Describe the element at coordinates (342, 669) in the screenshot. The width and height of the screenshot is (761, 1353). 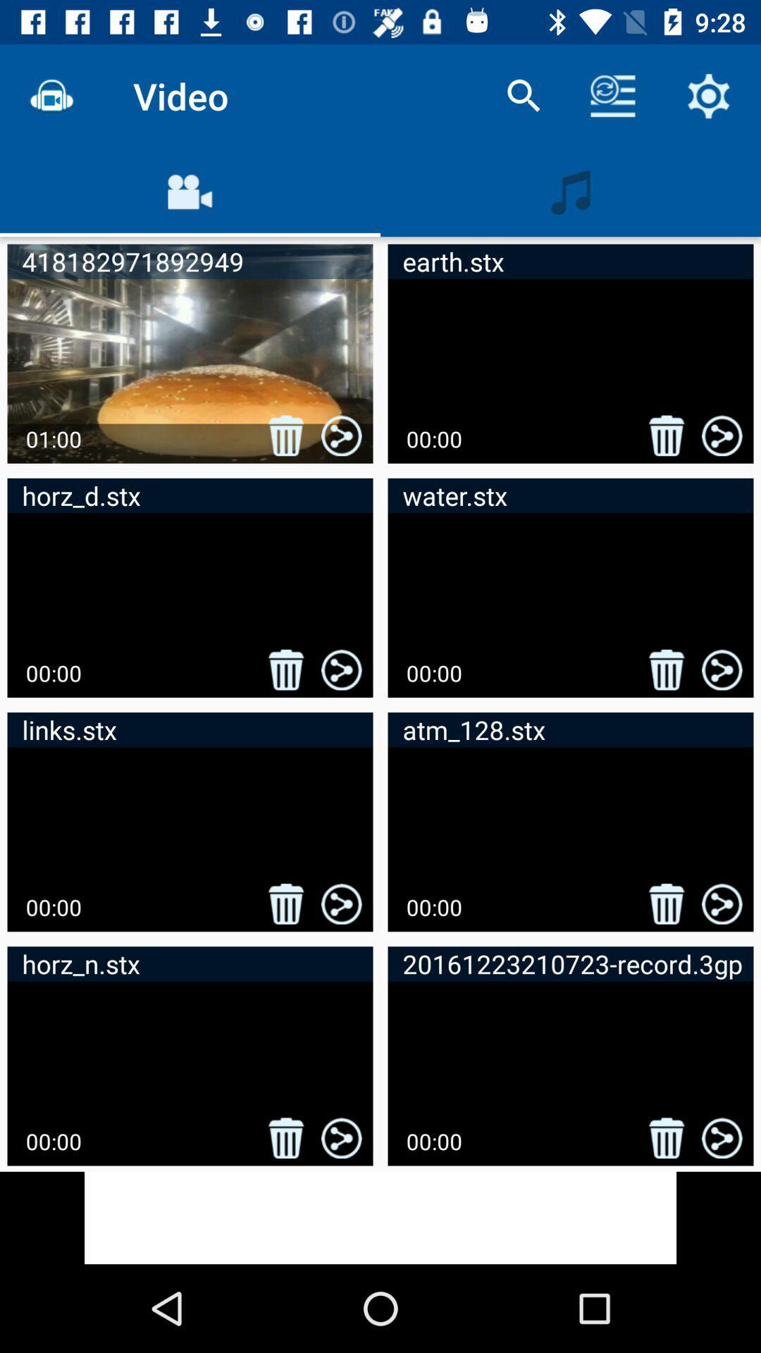
I see `the second row first image of share logo` at that location.